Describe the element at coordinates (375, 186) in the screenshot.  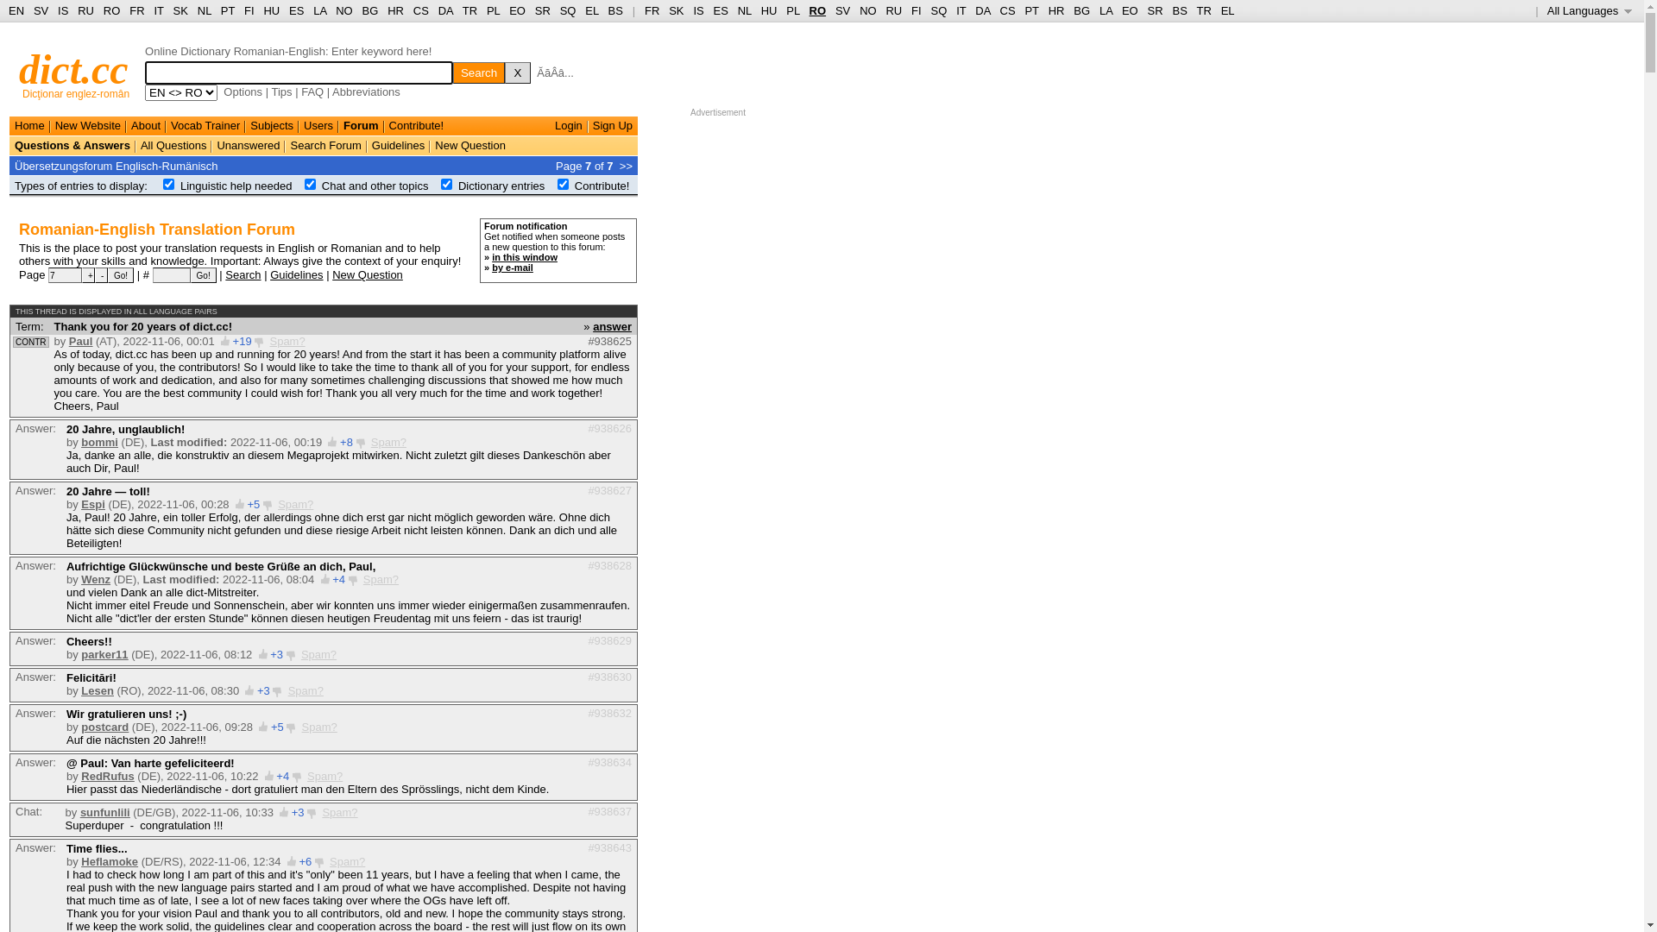
I see `'Chat and other topics'` at that location.